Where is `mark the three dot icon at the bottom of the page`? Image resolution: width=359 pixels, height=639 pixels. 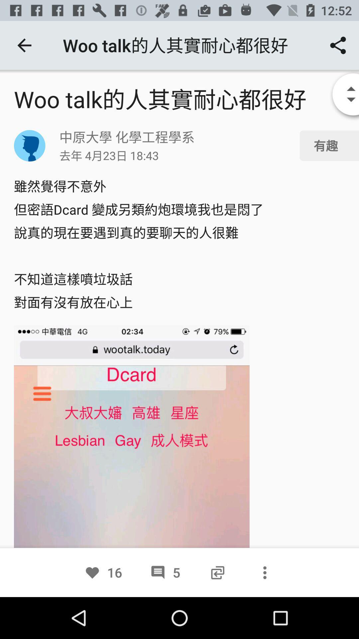
mark the three dot icon at the bottom of the page is located at coordinates (265, 572).